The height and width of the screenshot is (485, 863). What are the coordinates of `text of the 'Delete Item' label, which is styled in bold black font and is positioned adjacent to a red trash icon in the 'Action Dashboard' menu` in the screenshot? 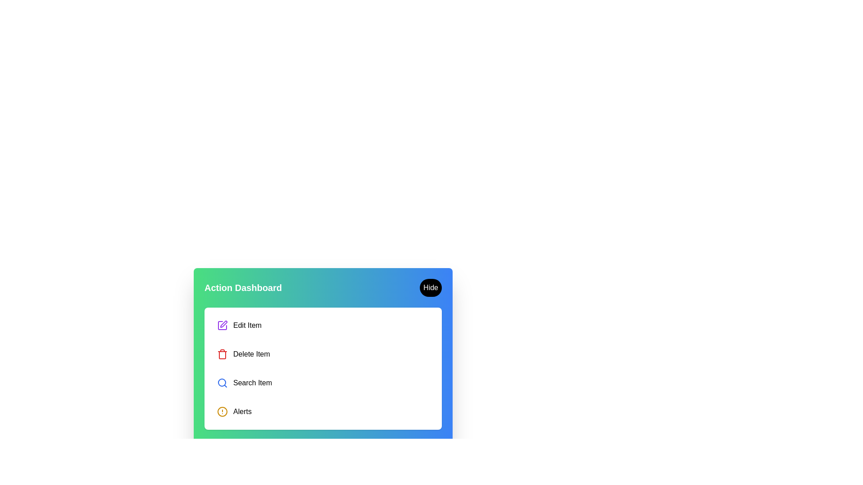 It's located at (251, 354).